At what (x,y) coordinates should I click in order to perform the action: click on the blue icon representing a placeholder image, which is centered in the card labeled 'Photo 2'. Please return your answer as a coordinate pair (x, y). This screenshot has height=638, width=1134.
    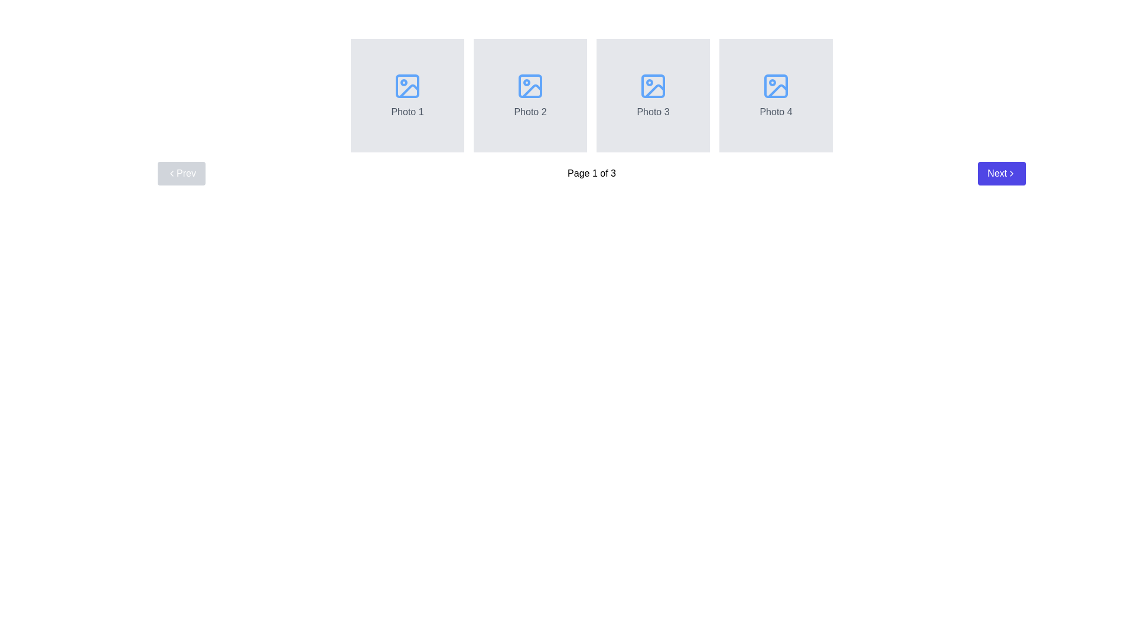
    Looking at the image, I should click on (529, 86).